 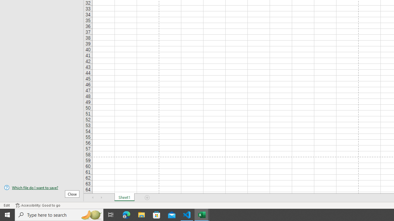 I want to click on 'Start', so click(x=7, y=214).